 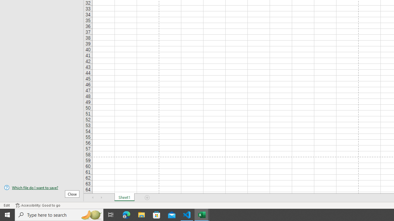 I want to click on 'Start', so click(x=7, y=214).